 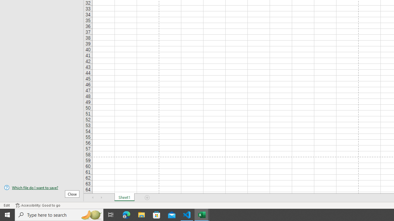 I want to click on 'Start', so click(x=7, y=214).